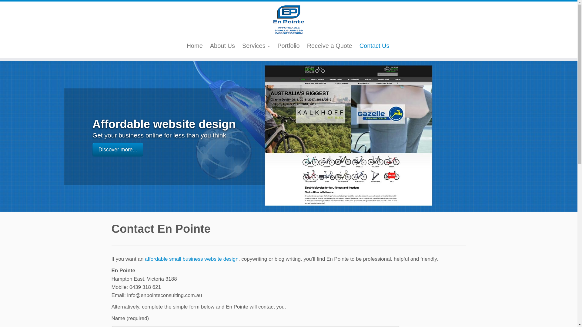 The image size is (582, 327). I want to click on 'Portfolio', so click(273, 45).